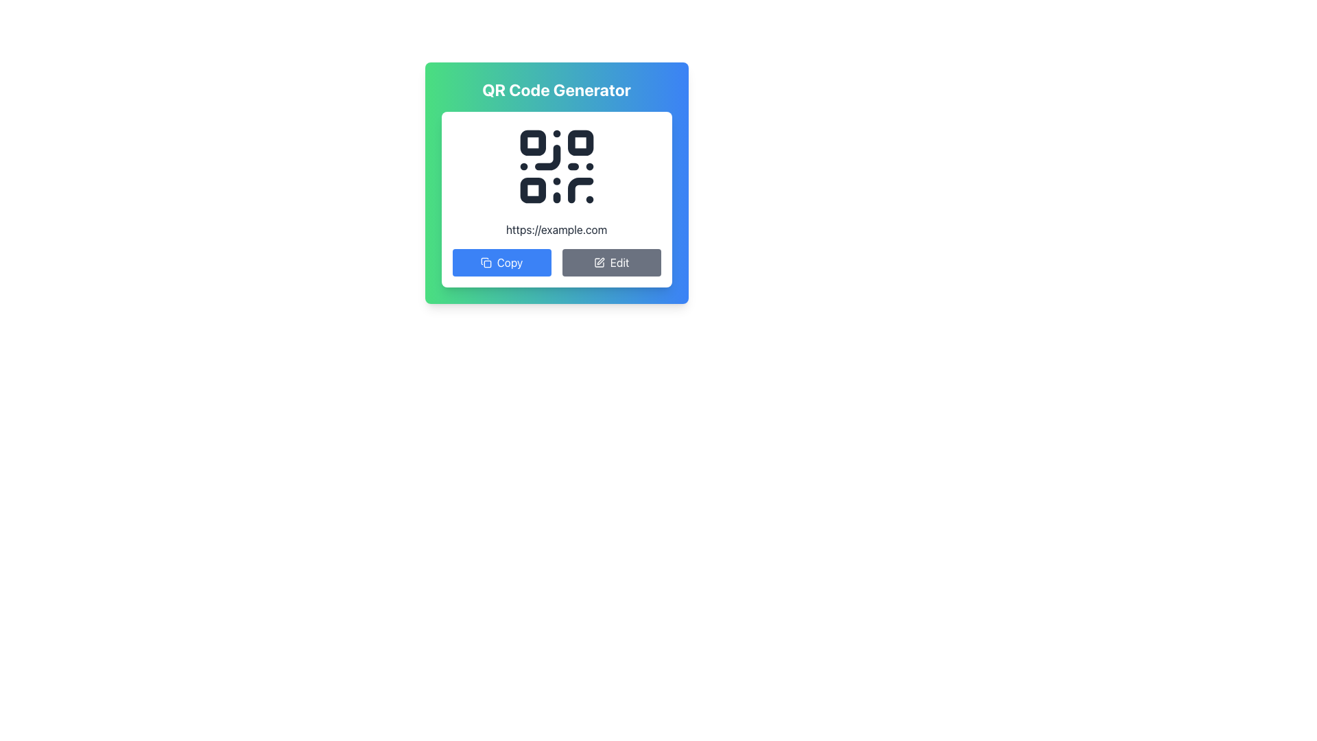 The height and width of the screenshot is (741, 1317). What do you see at coordinates (556, 90) in the screenshot?
I see `the Text header at the top of the card, which indicates the purpose or functionality of the card's content` at bounding box center [556, 90].